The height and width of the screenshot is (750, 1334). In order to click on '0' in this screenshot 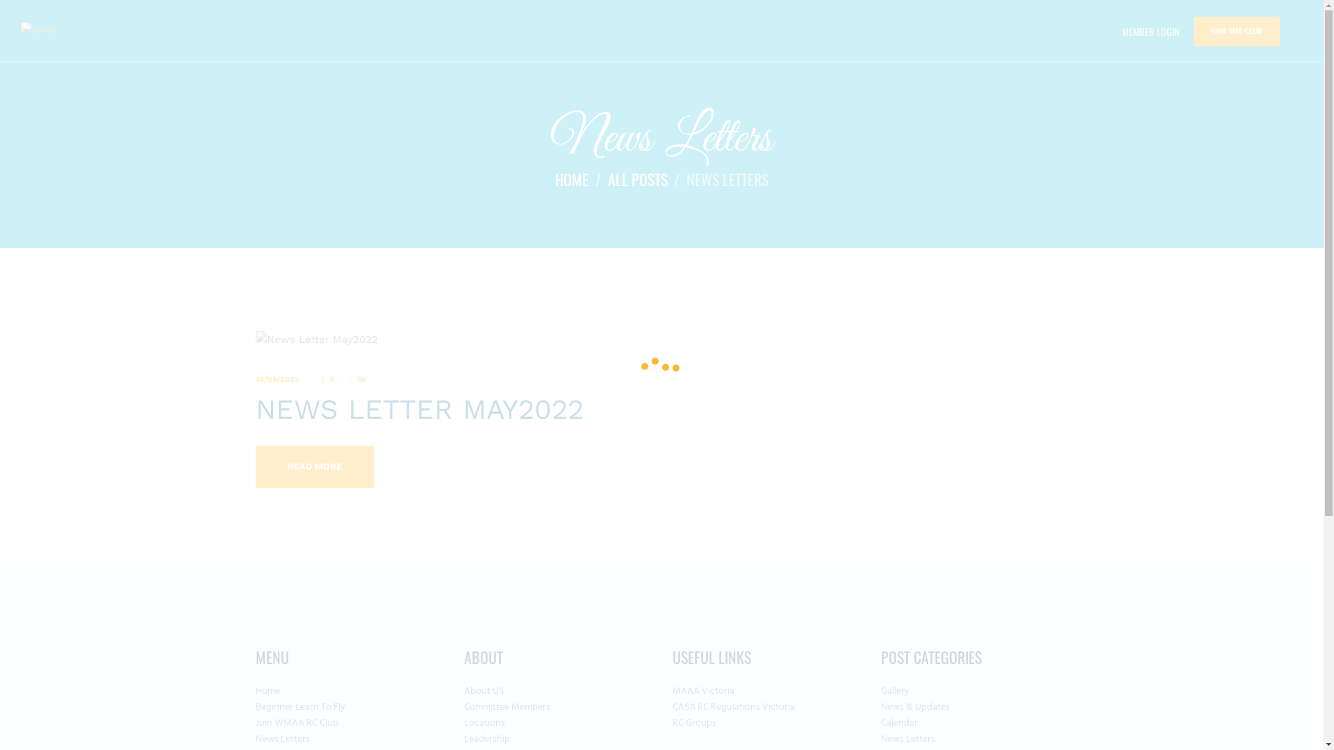, I will do `click(328, 379)`.